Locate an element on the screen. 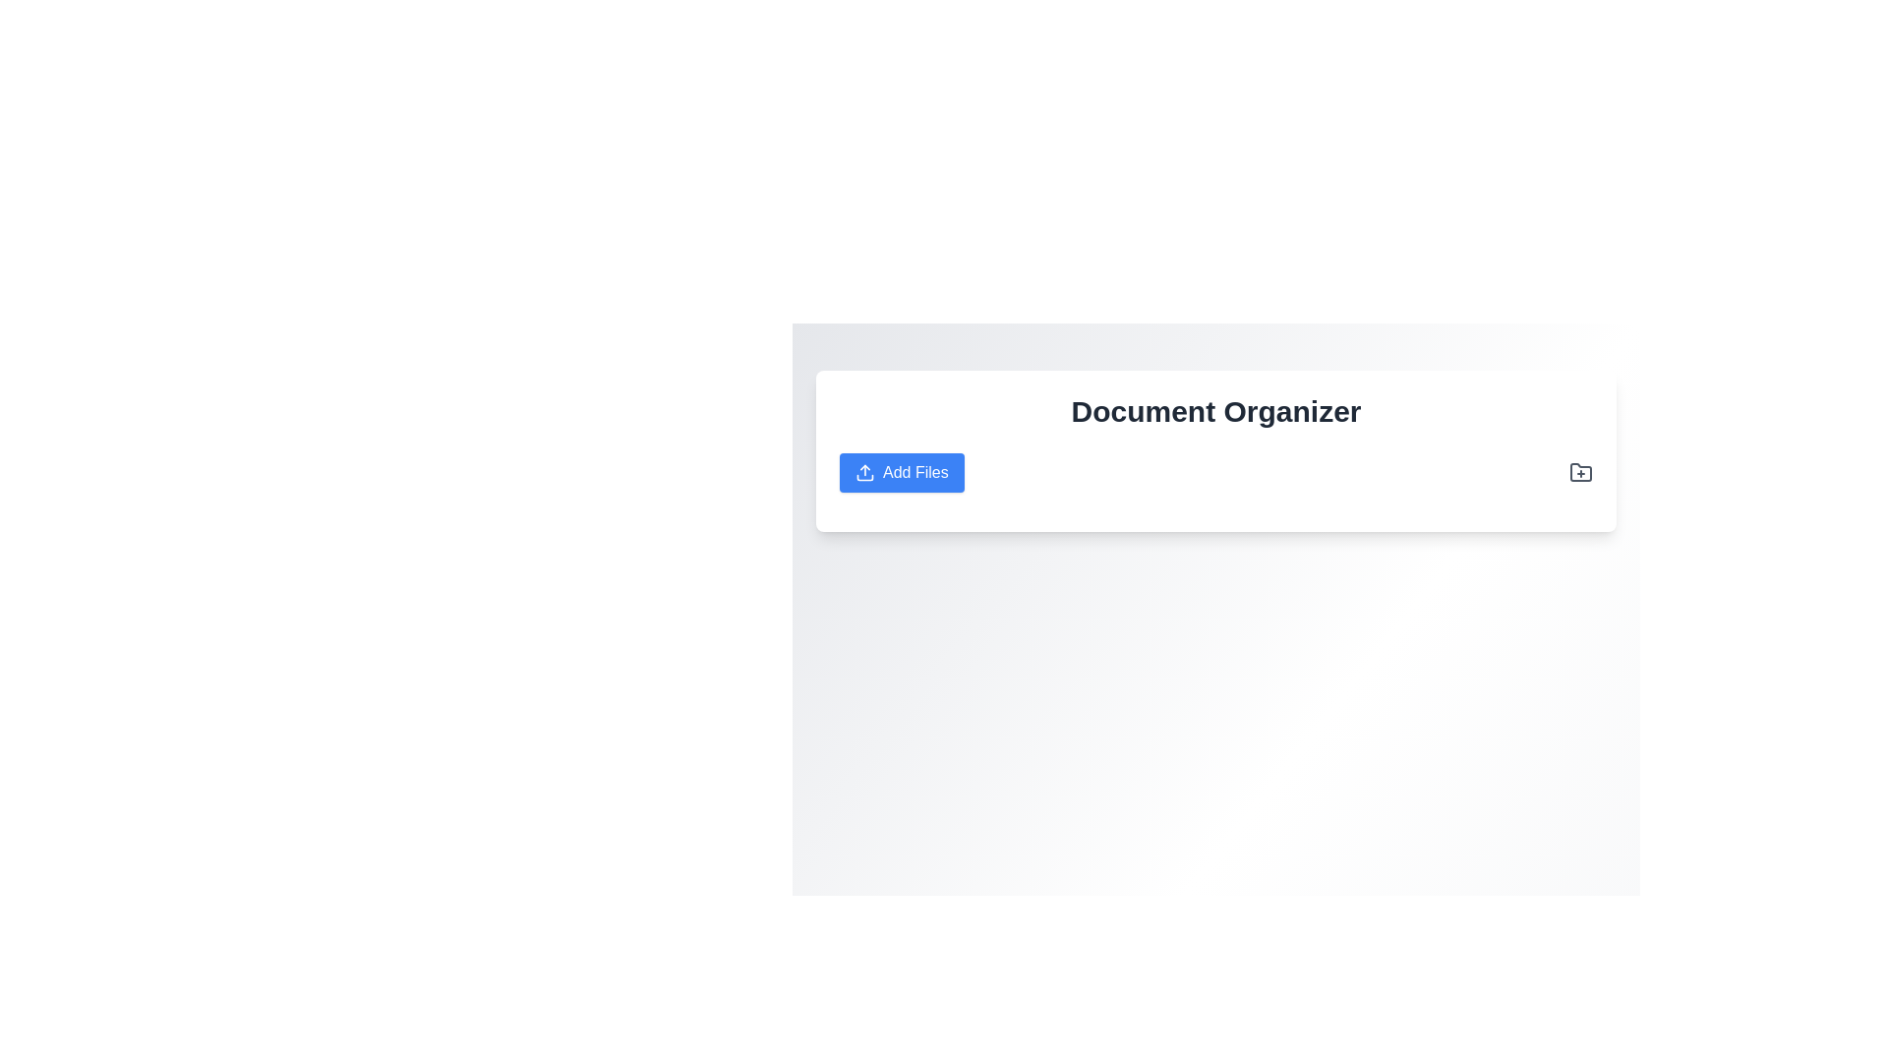 Image resolution: width=1888 pixels, height=1062 pixels. the folder icon with a plus sign located in the 'Document Organizer' section at the top right corner is located at coordinates (1581, 471).